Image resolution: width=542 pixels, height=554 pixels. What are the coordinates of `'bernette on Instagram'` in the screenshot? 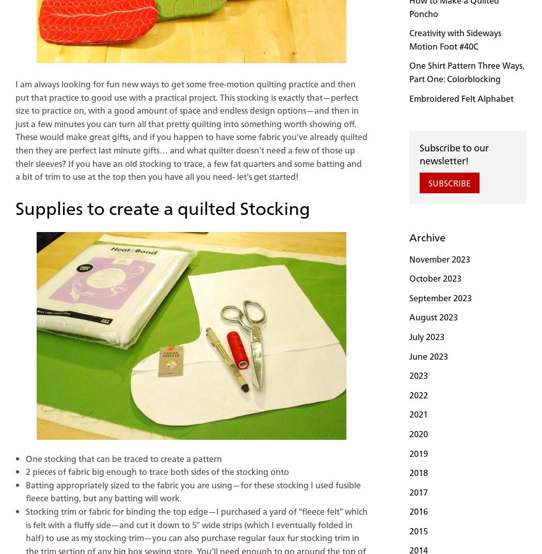 It's located at (475, 480).